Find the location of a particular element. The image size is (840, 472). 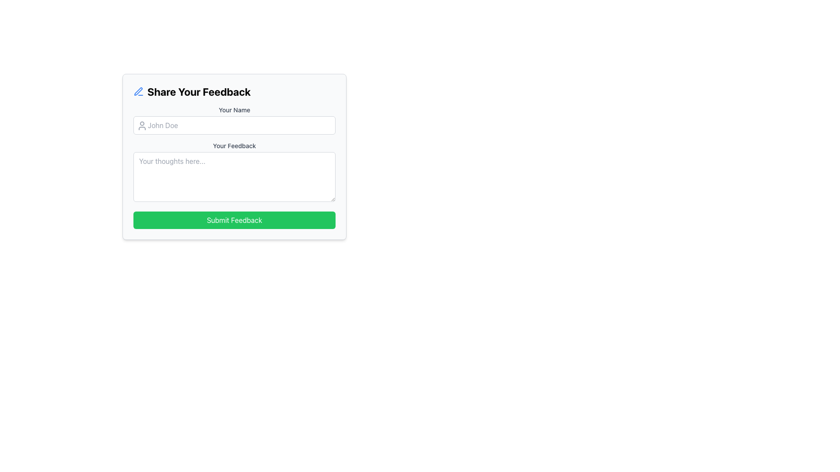

the decorative pen icon located to the left of the 'Share Your Feedback' header text is located at coordinates (138, 91).